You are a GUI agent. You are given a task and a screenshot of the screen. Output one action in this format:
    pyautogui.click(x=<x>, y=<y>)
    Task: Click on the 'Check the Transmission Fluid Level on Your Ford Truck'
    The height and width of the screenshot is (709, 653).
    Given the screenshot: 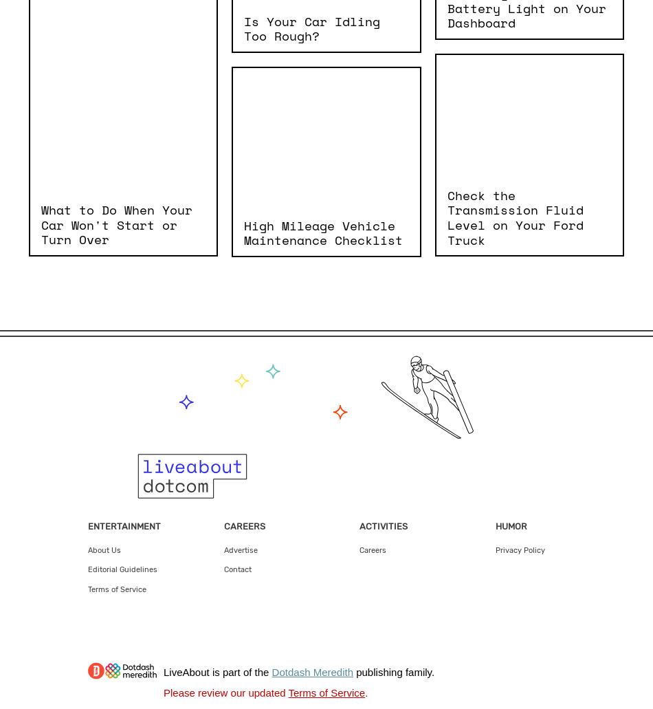 What is the action you would take?
    pyautogui.click(x=513, y=216)
    